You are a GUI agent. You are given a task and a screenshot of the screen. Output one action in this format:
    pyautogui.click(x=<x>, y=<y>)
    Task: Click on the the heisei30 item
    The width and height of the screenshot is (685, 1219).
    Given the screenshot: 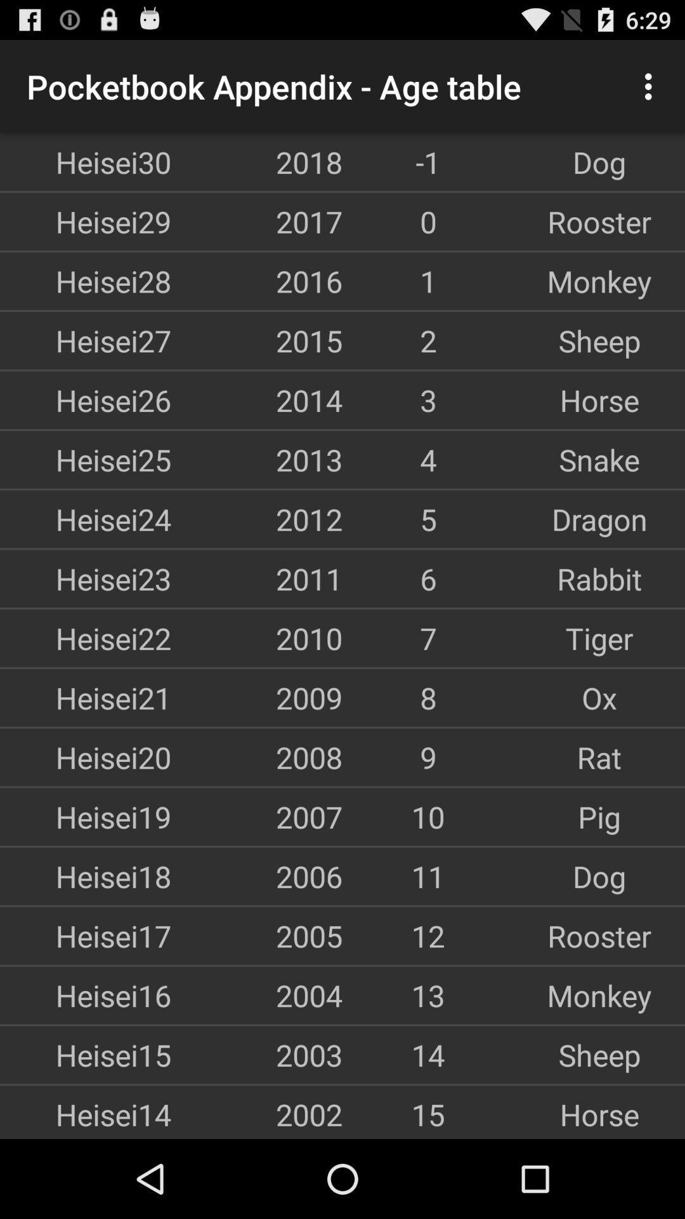 What is the action you would take?
    pyautogui.click(x=86, y=161)
    